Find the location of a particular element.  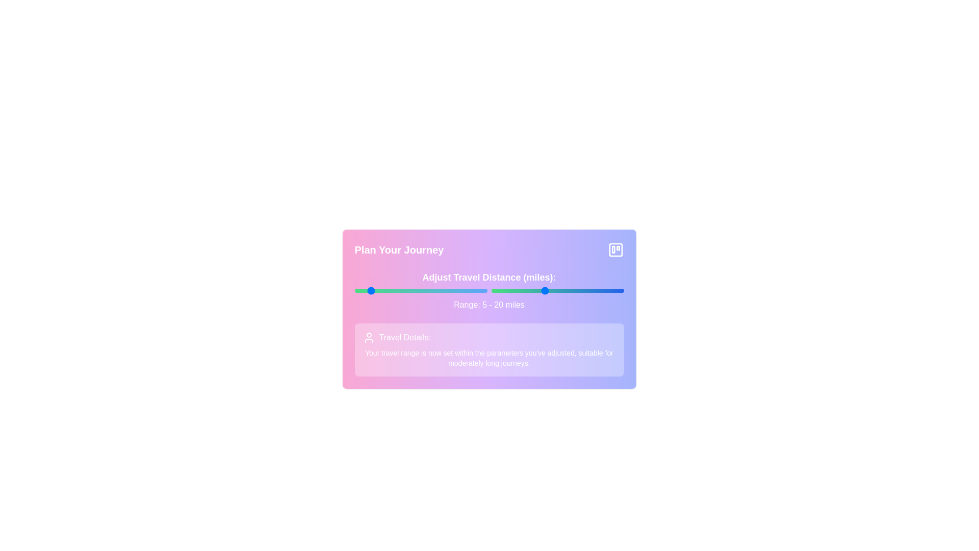

the second SVG subcomponent within the Trello board interface icon located in the top-right corner of the purple gradient card titled 'Plan Your Journey' is located at coordinates (612, 249).